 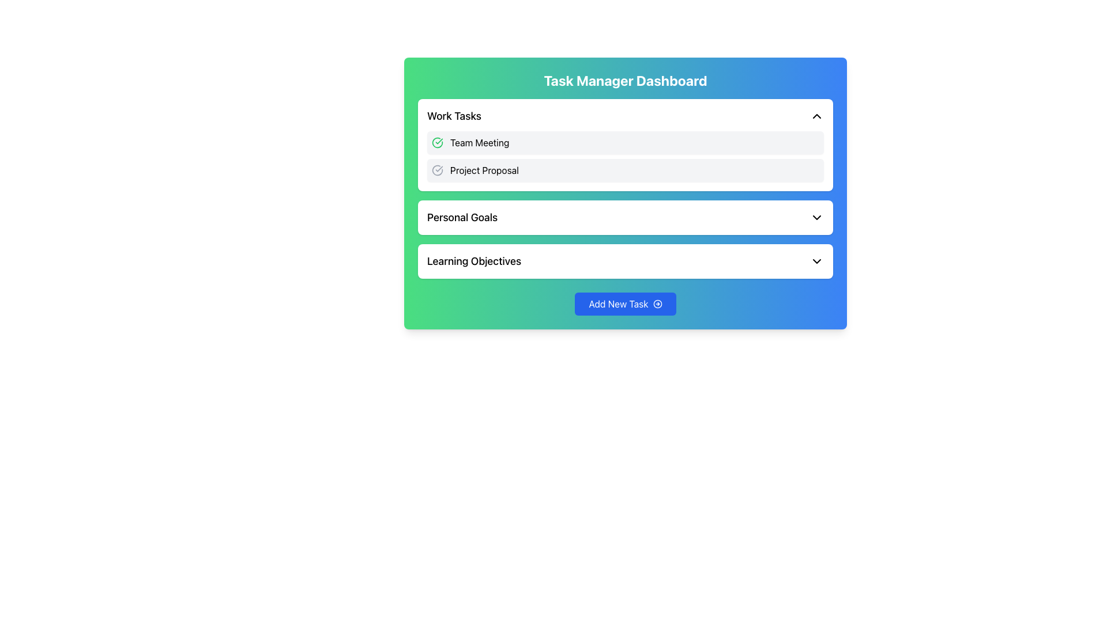 What do you see at coordinates (436, 170) in the screenshot?
I see `the circular icon with a thin stroke, styled as a vector graphic, located in the 'Work Tasks' section to the left of the 'Project Proposal' list item` at bounding box center [436, 170].